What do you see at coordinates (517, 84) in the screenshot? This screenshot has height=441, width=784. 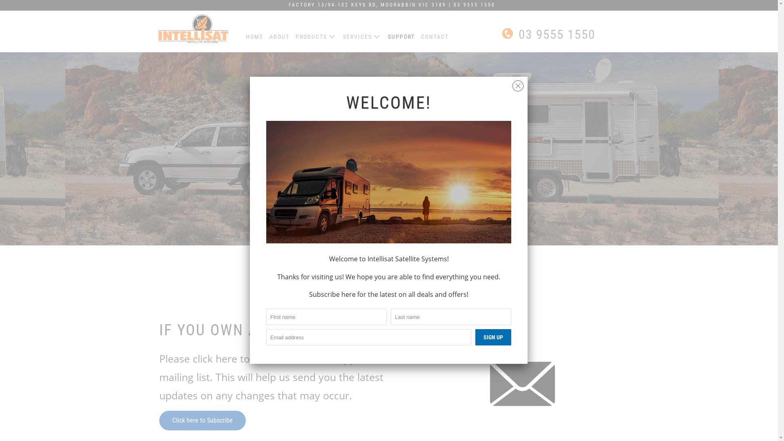 I see `'Close'` at bounding box center [517, 84].